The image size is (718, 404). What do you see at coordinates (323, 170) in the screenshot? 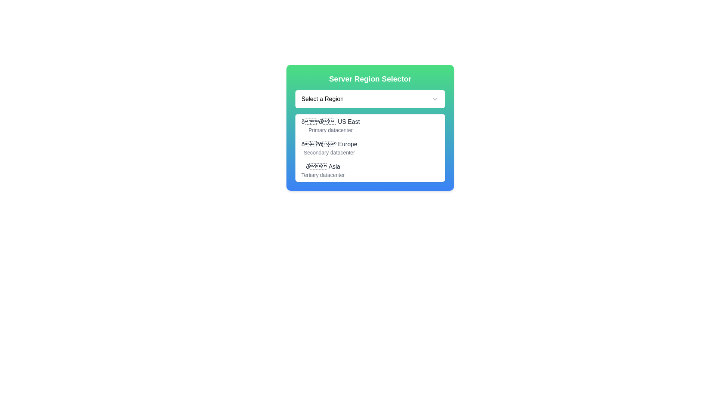
I see `the third option in the dropdown menu for selecting the 'Asia' region, located beneath 'US East' and 'Europe'` at bounding box center [323, 170].